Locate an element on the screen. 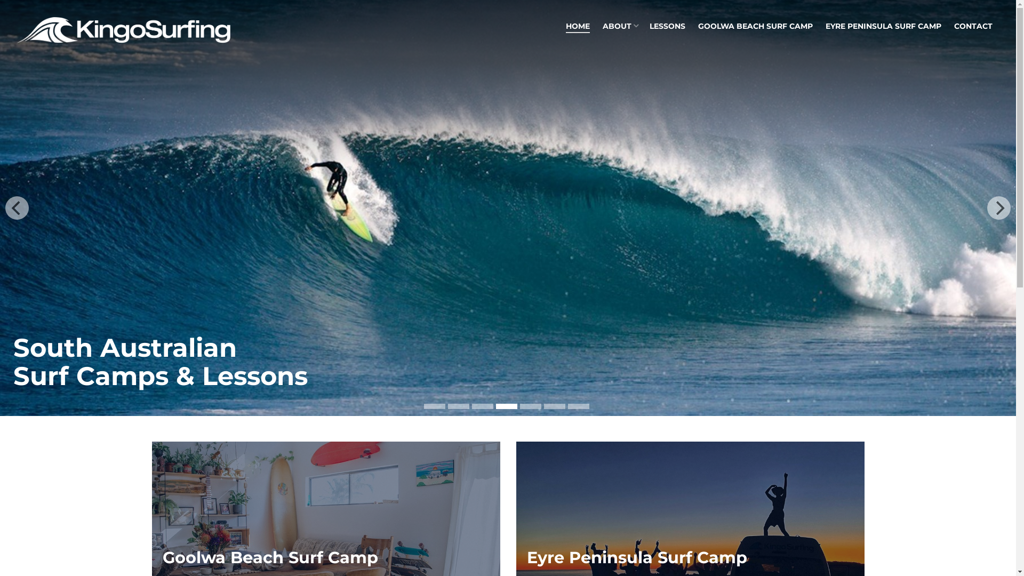 The height and width of the screenshot is (576, 1024). 'LESSONS' is located at coordinates (667, 26).